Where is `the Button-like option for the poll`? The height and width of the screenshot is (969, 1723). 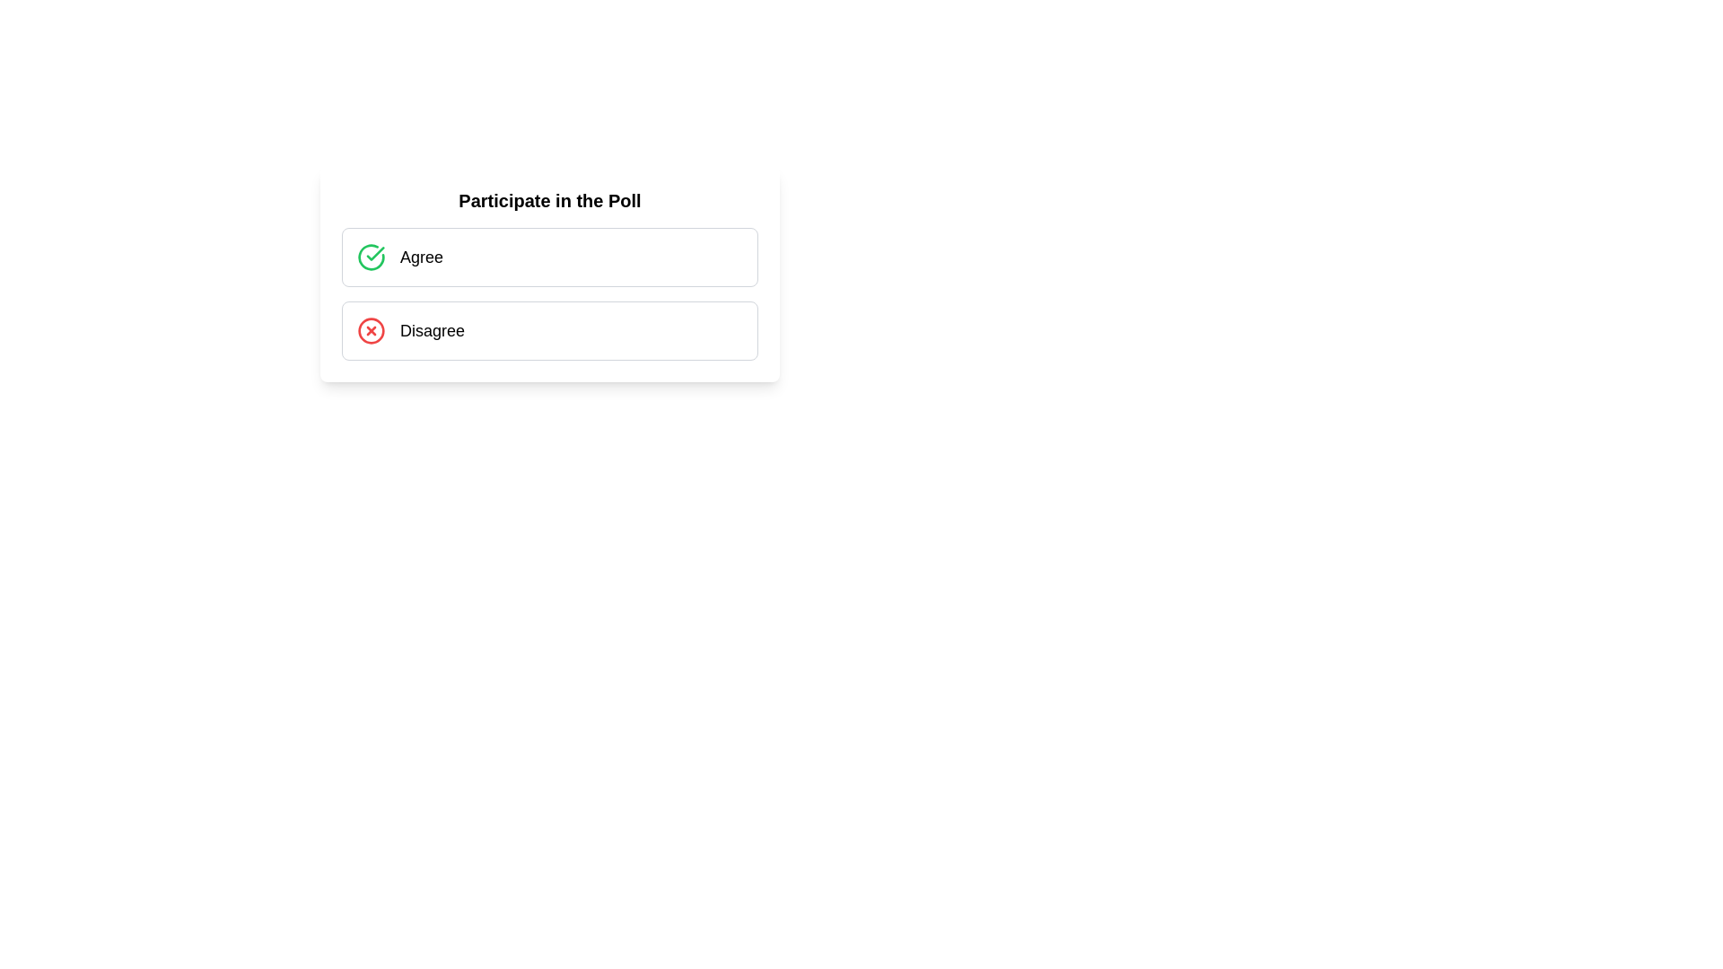 the Button-like option for the poll is located at coordinates (399, 257).